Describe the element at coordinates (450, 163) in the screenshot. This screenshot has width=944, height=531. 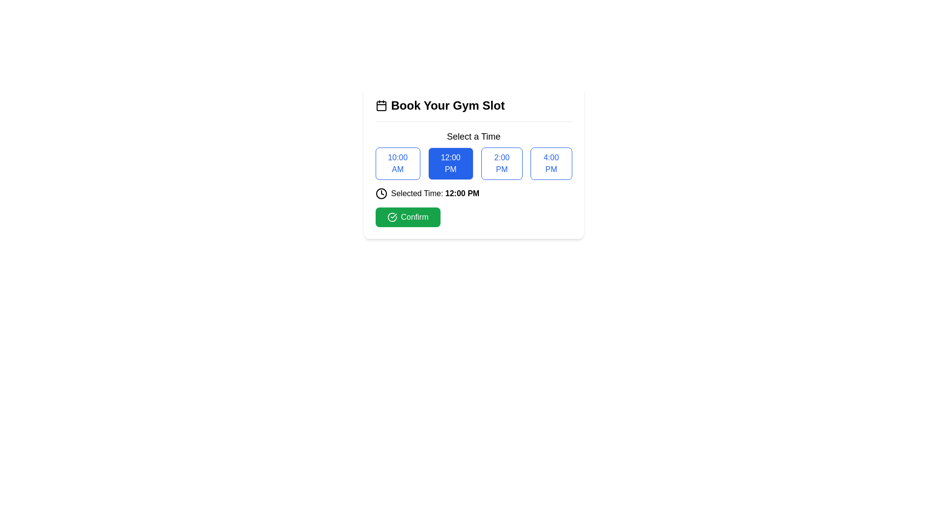
I see `the interactive button labeled '12:00 PM'` at that location.